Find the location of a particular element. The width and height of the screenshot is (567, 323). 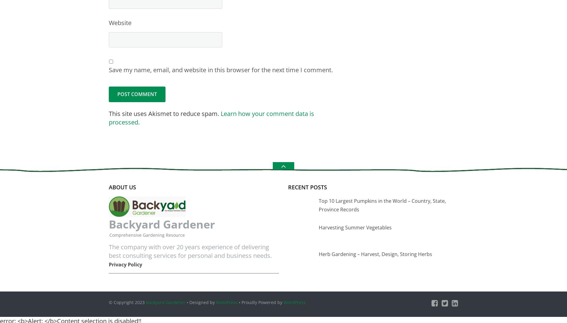

'Harvesting Summer Vegetables' is located at coordinates (355, 227).